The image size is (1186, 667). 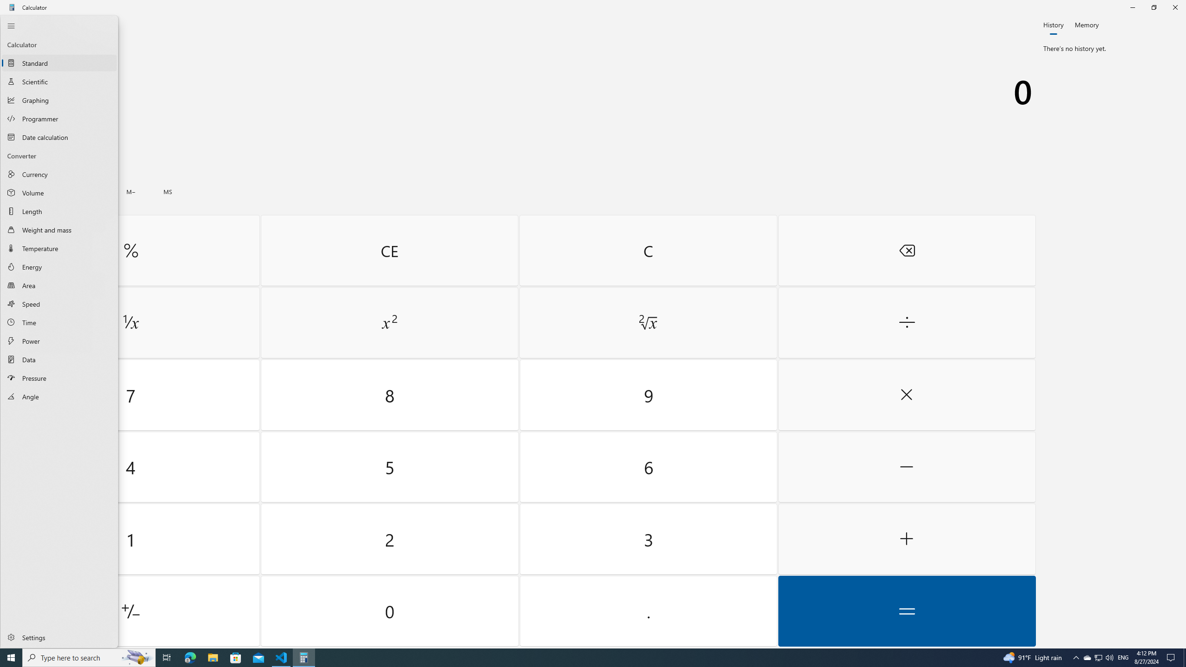 What do you see at coordinates (11, 25) in the screenshot?
I see `'Close Navigation'` at bounding box center [11, 25].